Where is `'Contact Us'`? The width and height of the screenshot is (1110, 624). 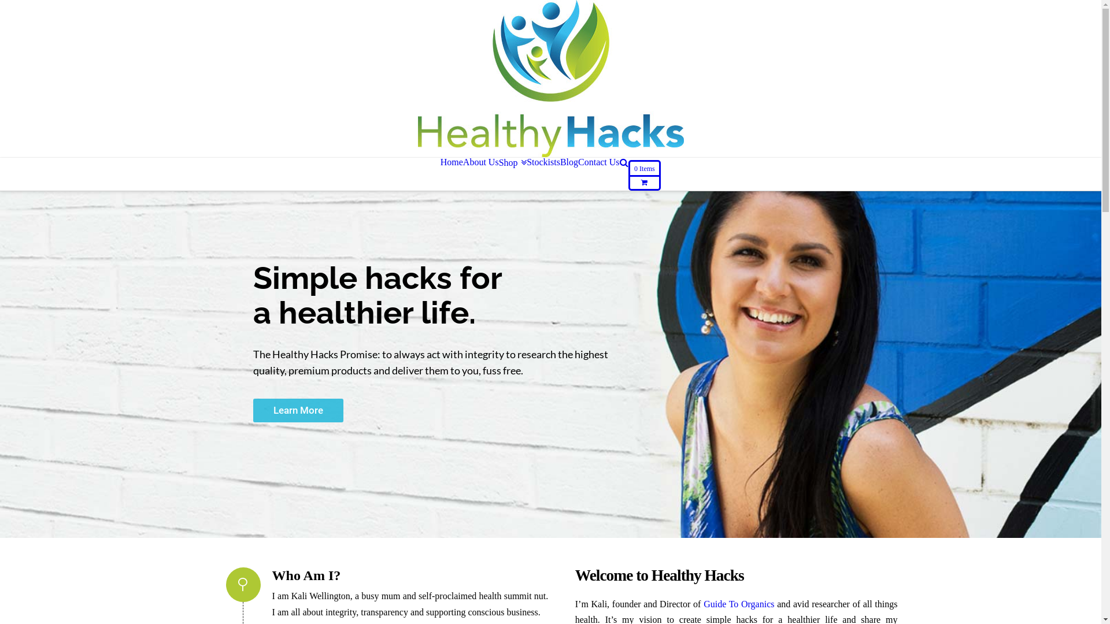 'Contact Us' is located at coordinates (599, 162).